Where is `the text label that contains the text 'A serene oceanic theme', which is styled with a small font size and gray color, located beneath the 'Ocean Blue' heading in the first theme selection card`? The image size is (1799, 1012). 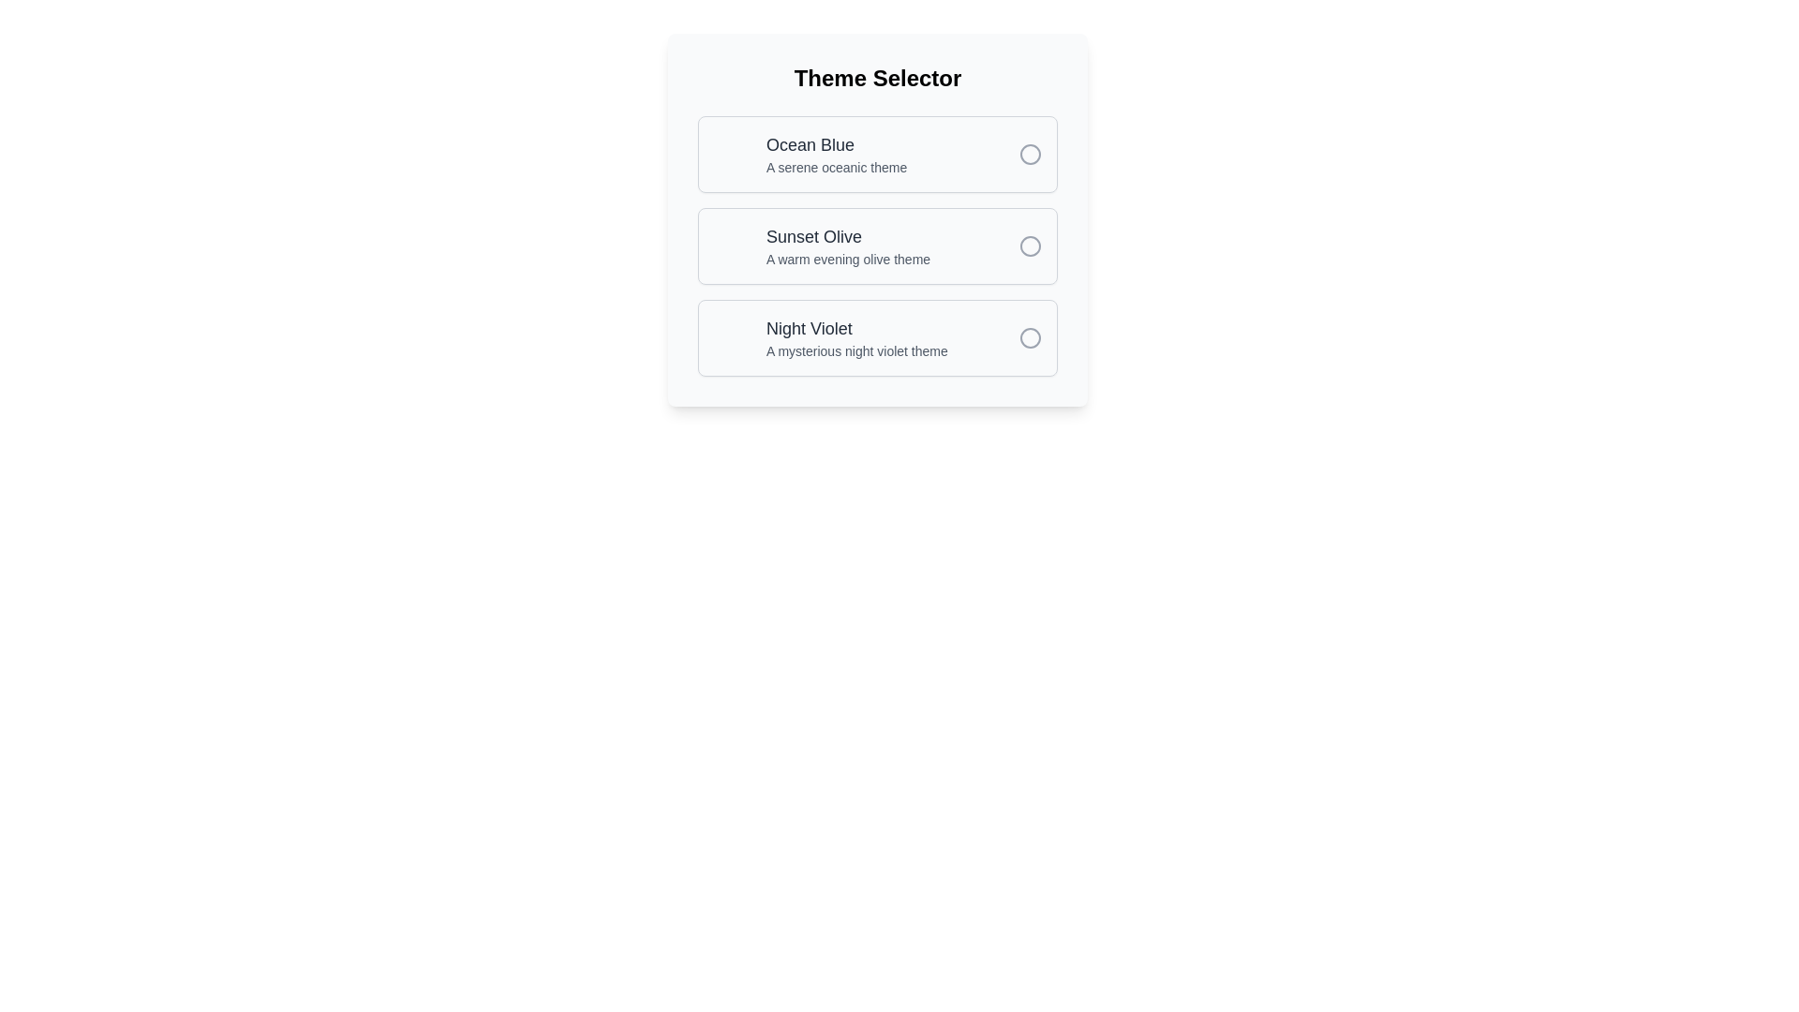 the text label that contains the text 'A serene oceanic theme', which is styled with a small font size and gray color, located beneath the 'Ocean Blue' heading in the first theme selection card is located at coordinates (836, 166).